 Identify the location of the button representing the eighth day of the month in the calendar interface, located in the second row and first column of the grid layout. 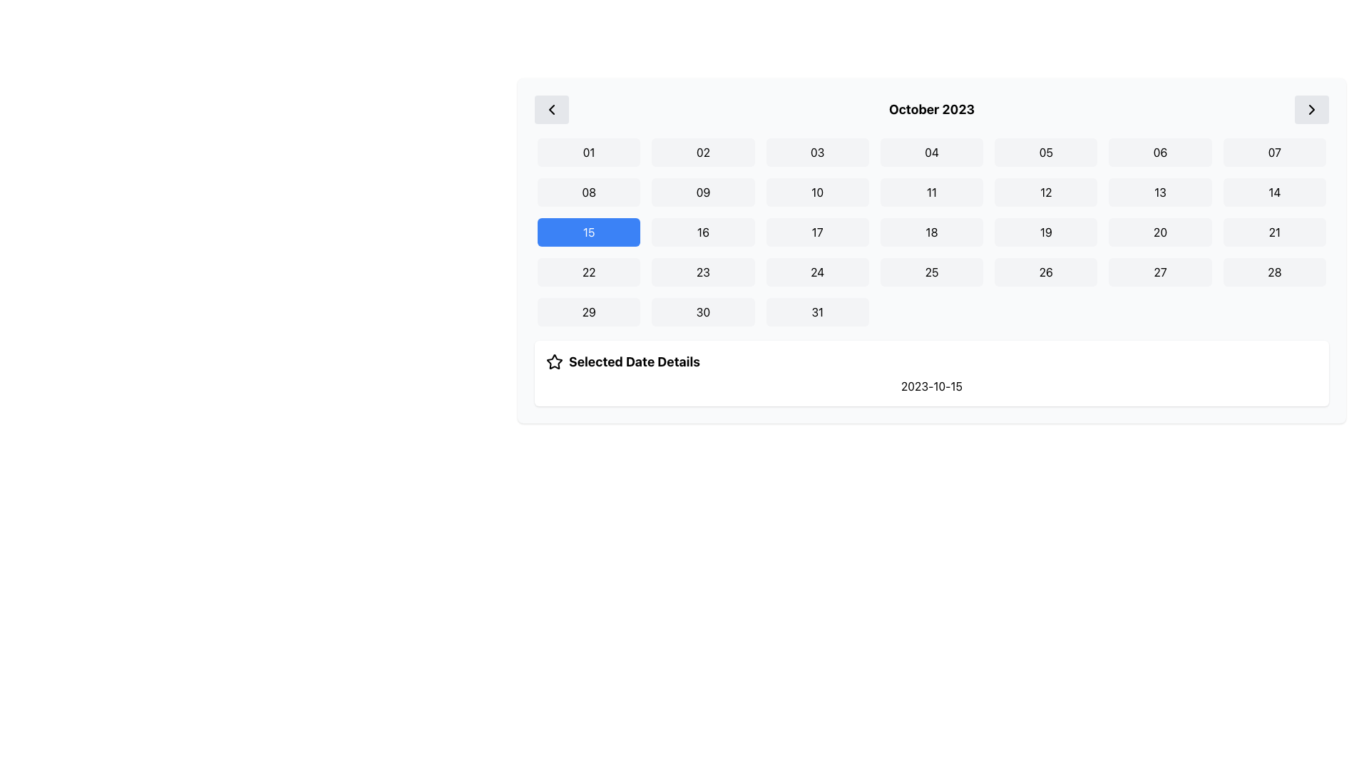
(589, 192).